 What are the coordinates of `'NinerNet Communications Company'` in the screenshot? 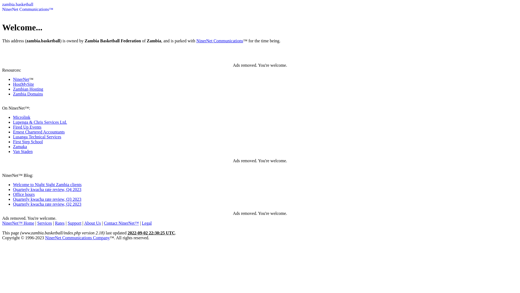 It's located at (77, 237).